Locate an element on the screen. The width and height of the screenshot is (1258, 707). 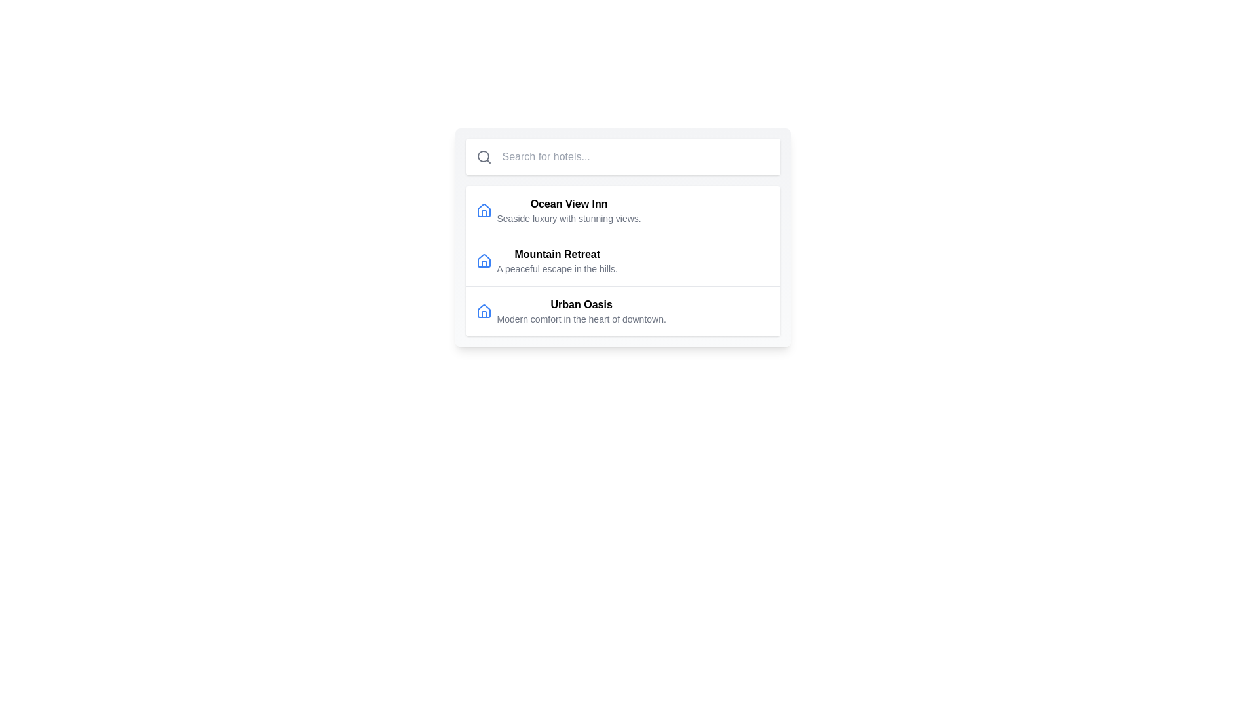
the second item in the vertically aligned list of three items, which provides a summary of information is located at coordinates (557, 261).